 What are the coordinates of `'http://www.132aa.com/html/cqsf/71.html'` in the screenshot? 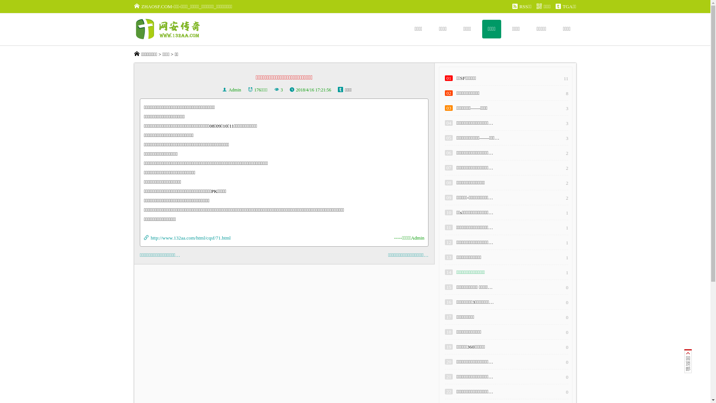 It's located at (191, 238).